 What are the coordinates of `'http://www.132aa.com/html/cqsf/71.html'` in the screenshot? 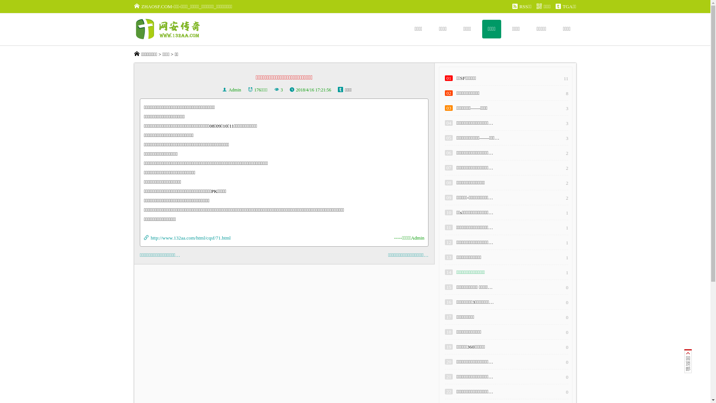 It's located at (191, 238).